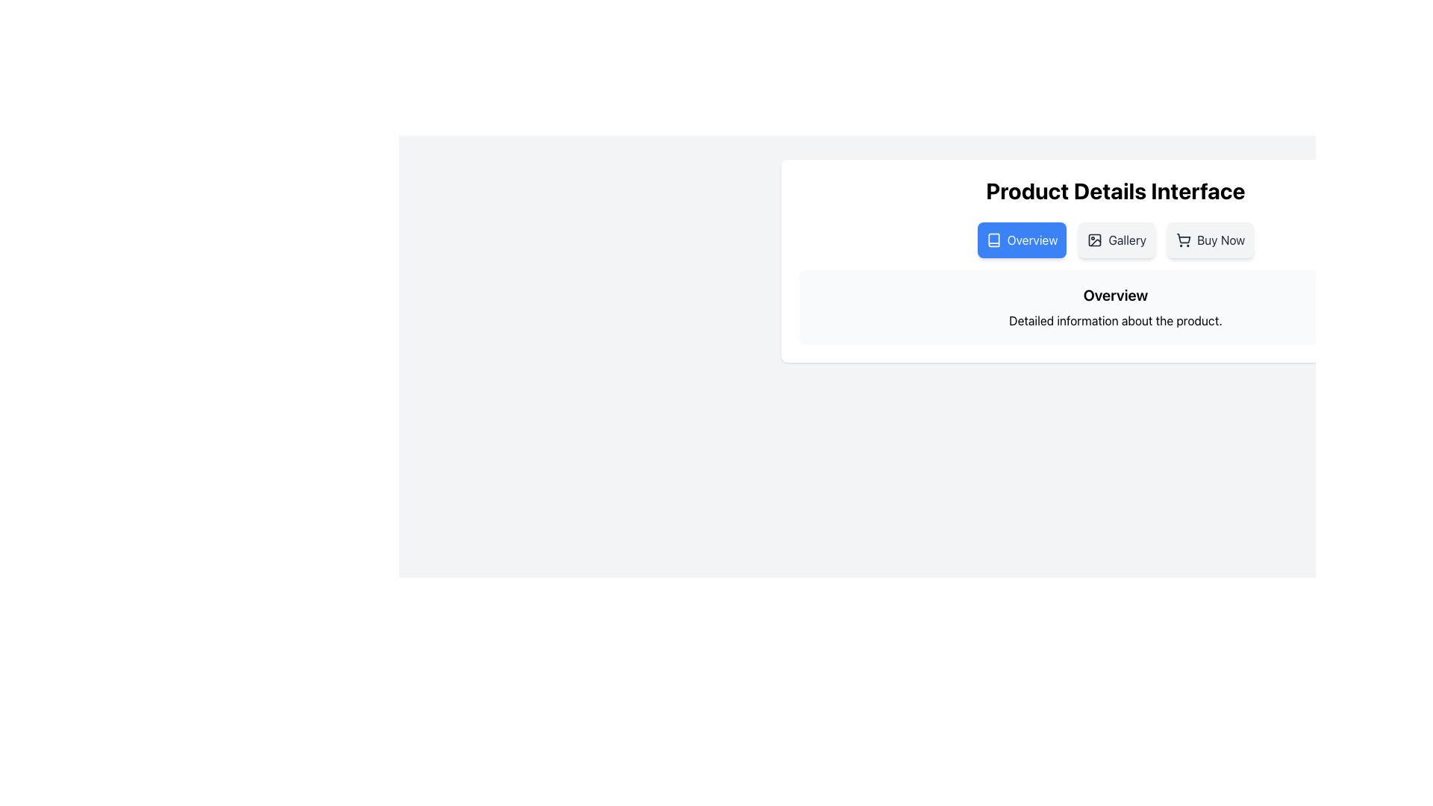 Image resolution: width=1433 pixels, height=806 pixels. What do you see at coordinates (1021, 239) in the screenshot?
I see `the 'Overview' button, which is a rectangular button with a blue background and white text displaying 'Overview' accompanied by a book icon, located in the top-right corner of the interface` at bounding box center [1021, 239].